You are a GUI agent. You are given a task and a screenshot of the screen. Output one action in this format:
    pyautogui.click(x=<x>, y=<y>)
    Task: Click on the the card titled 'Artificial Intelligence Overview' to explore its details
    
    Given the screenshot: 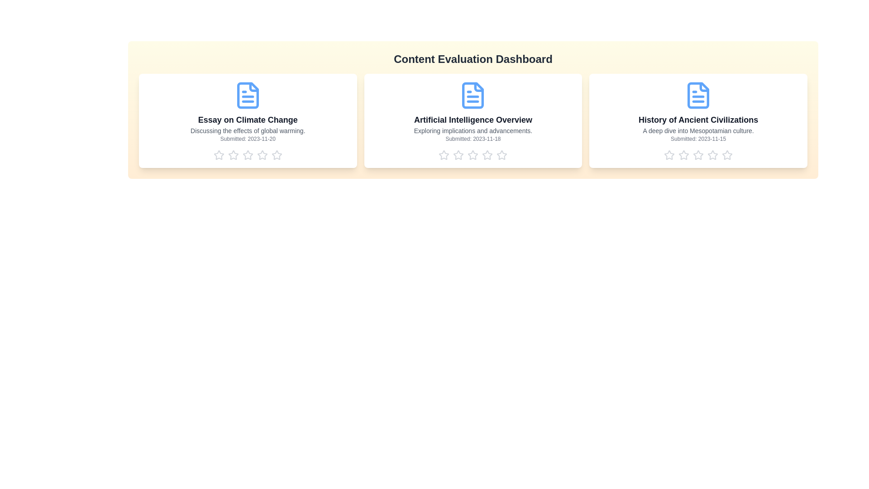 What is the action you would take?
    pyautogui.click(x=473, y=120)
    